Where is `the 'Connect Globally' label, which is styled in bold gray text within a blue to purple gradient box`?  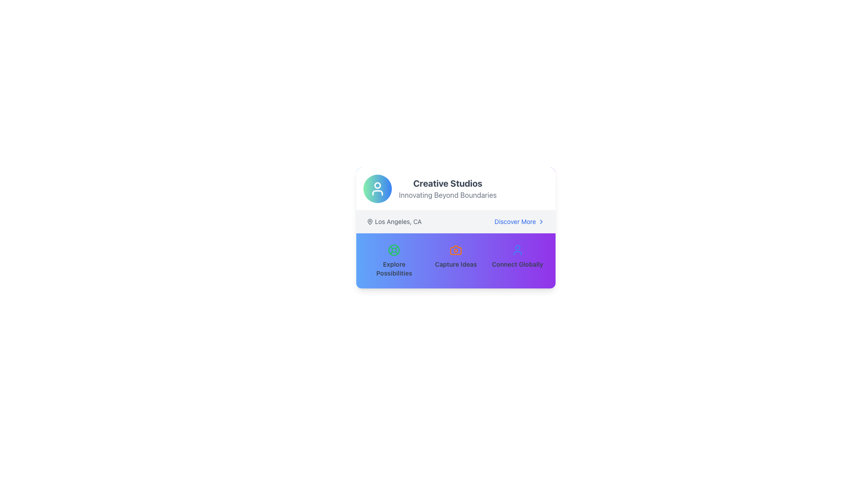 the 'Connect Globally' label, which is styled in bold gray text within a blue to purple gradient box is located at coordinates (517, 264).